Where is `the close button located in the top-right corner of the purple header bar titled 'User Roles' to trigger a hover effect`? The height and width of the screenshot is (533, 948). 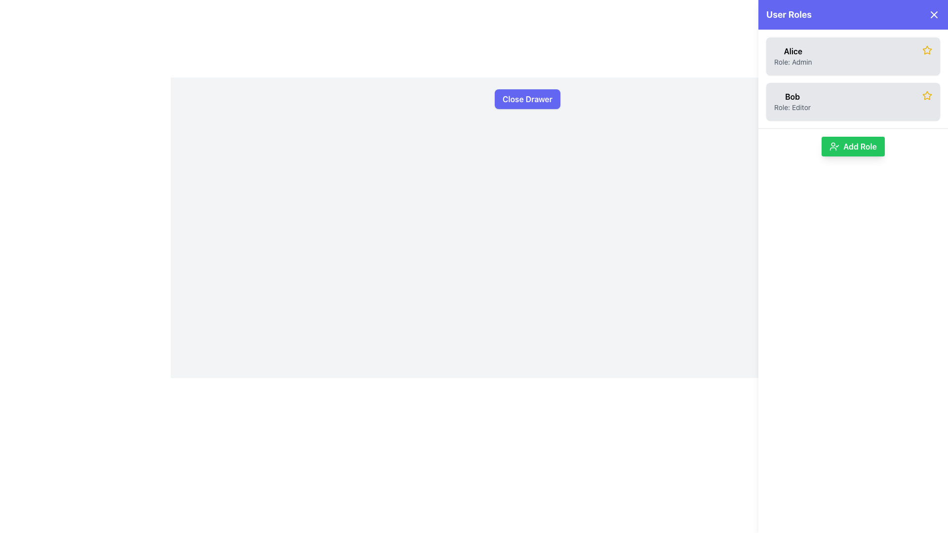 the close button located in the top-right corner of the purple header bar titled 'User Roles' to trigger a hover effect is located at coordinates (933, 15).